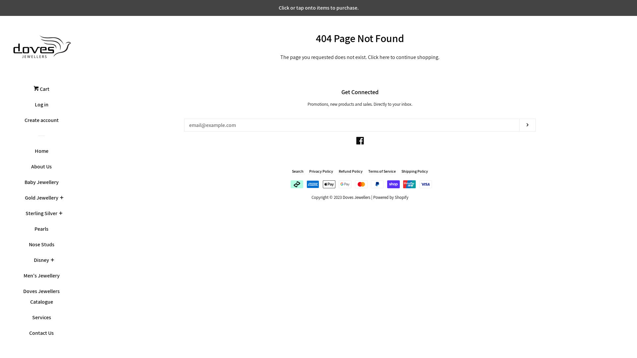 The width and height of the screenshot is (637, 358). I want to click on 'Facebook', so click(359, 142).